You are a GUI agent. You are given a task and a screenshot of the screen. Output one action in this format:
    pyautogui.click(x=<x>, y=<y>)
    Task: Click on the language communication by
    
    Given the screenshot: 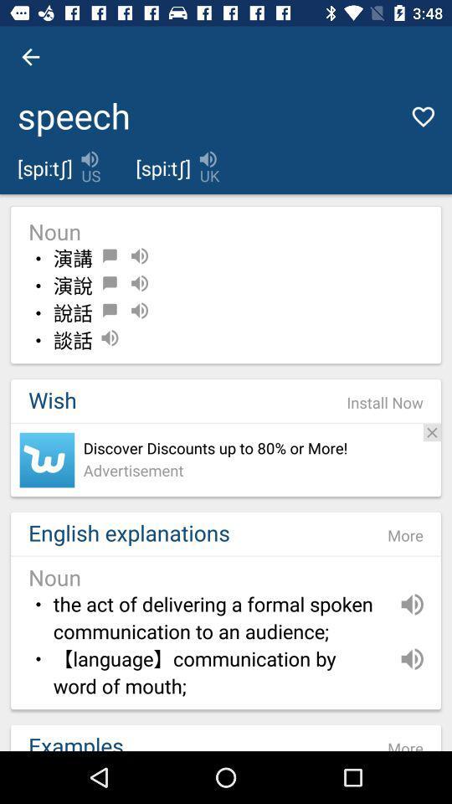 What is the action you would take?
    pyautogui.click(x=218, y=673)
    